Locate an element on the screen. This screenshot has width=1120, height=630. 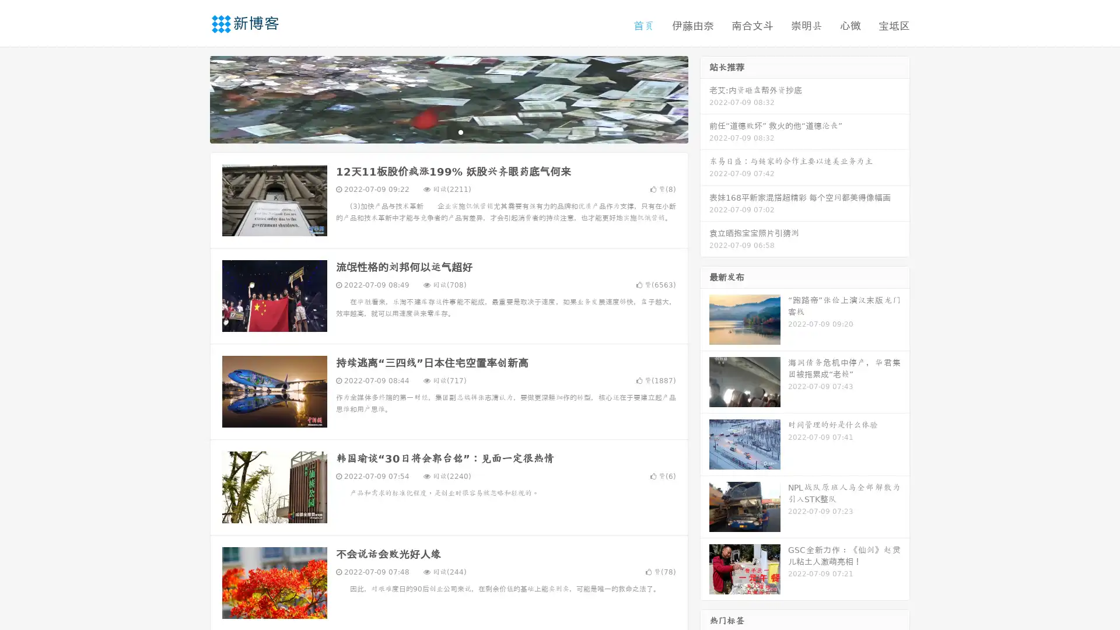
Go to slide 2 is located at coordinates (448, 131).